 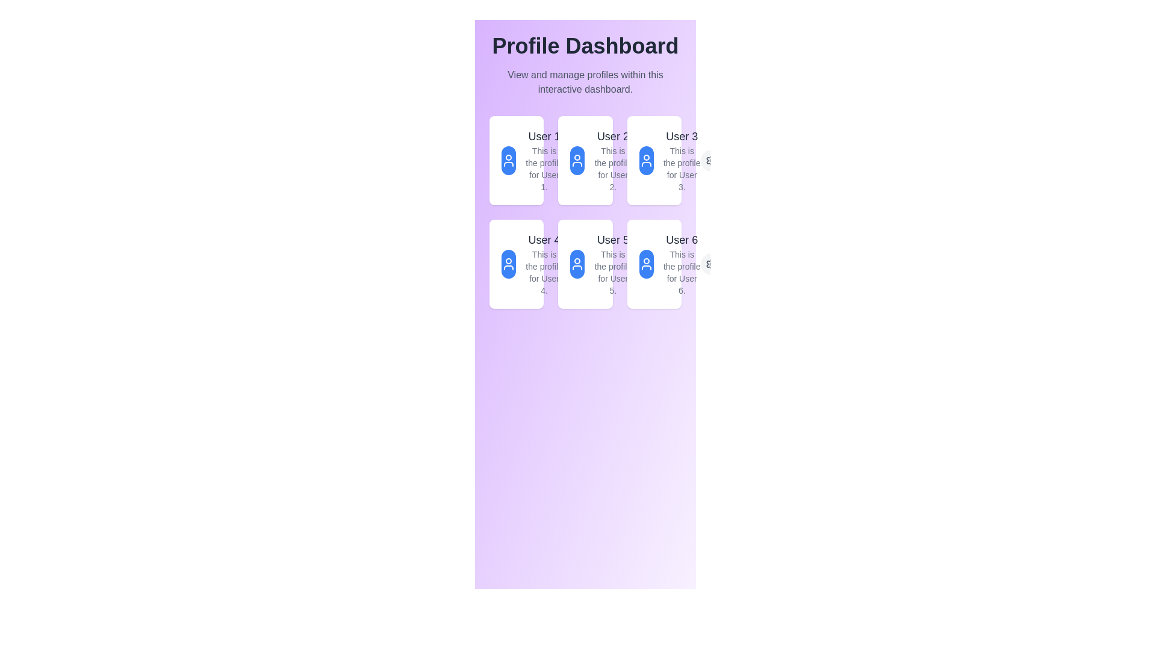 I want to click on informational text label providing a description for User 3, located below the title 'User 3' in the third card of the top row, so click(x=682, y=169).